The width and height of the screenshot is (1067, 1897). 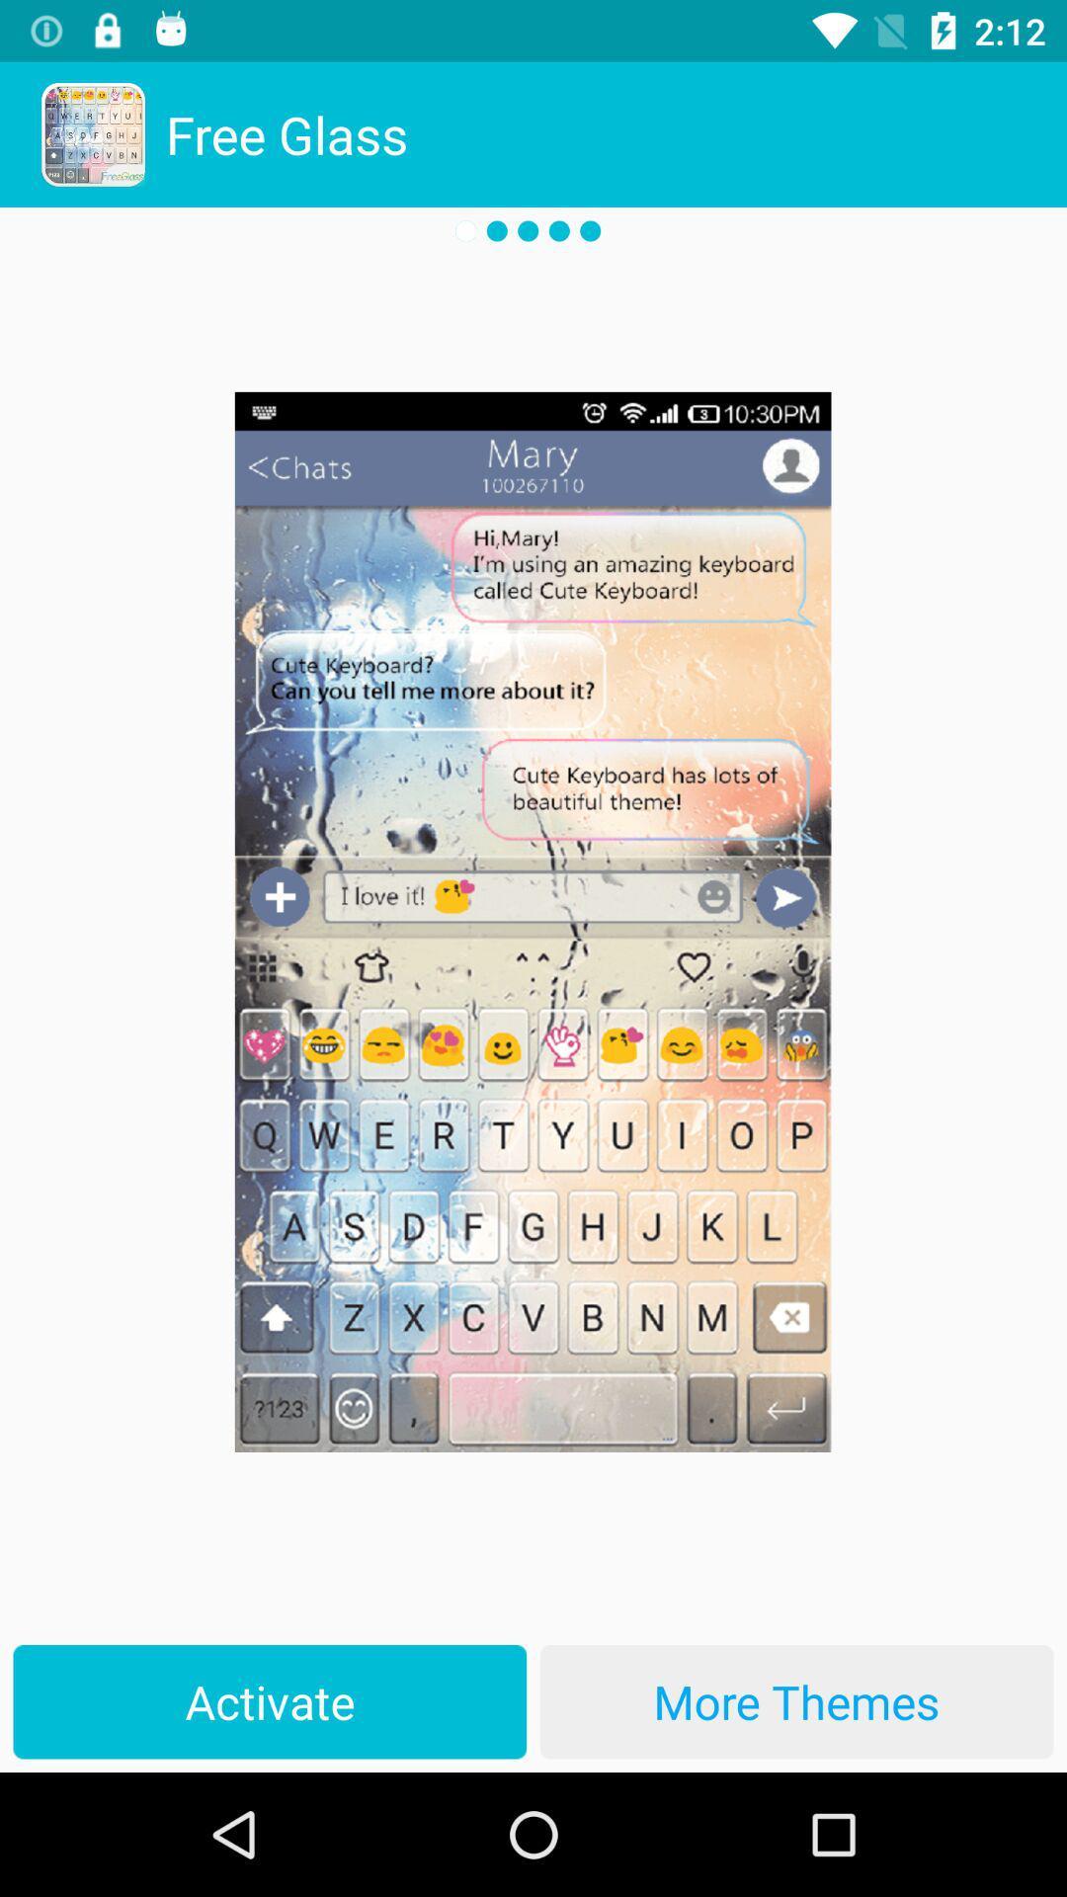 What do you see at coordinates (795, 1700) in the screenshot?
I see `more themes icon` at bounding box center [795, 1700].